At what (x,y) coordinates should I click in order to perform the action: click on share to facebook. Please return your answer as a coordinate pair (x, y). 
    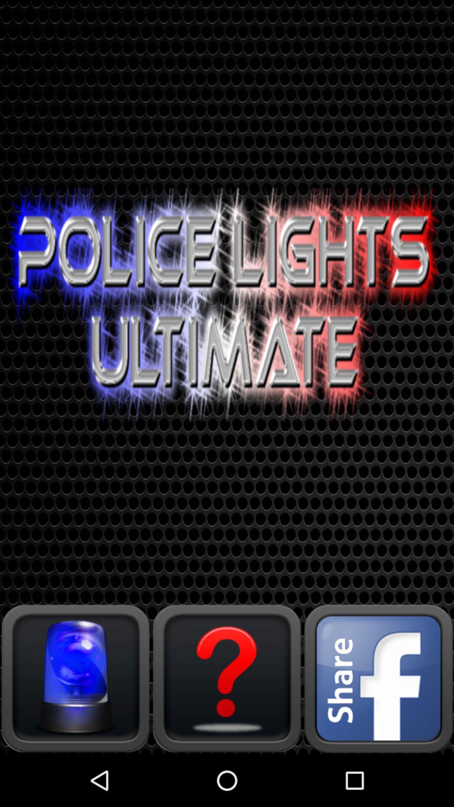
    Looking at the image, I should click on (377, 678).